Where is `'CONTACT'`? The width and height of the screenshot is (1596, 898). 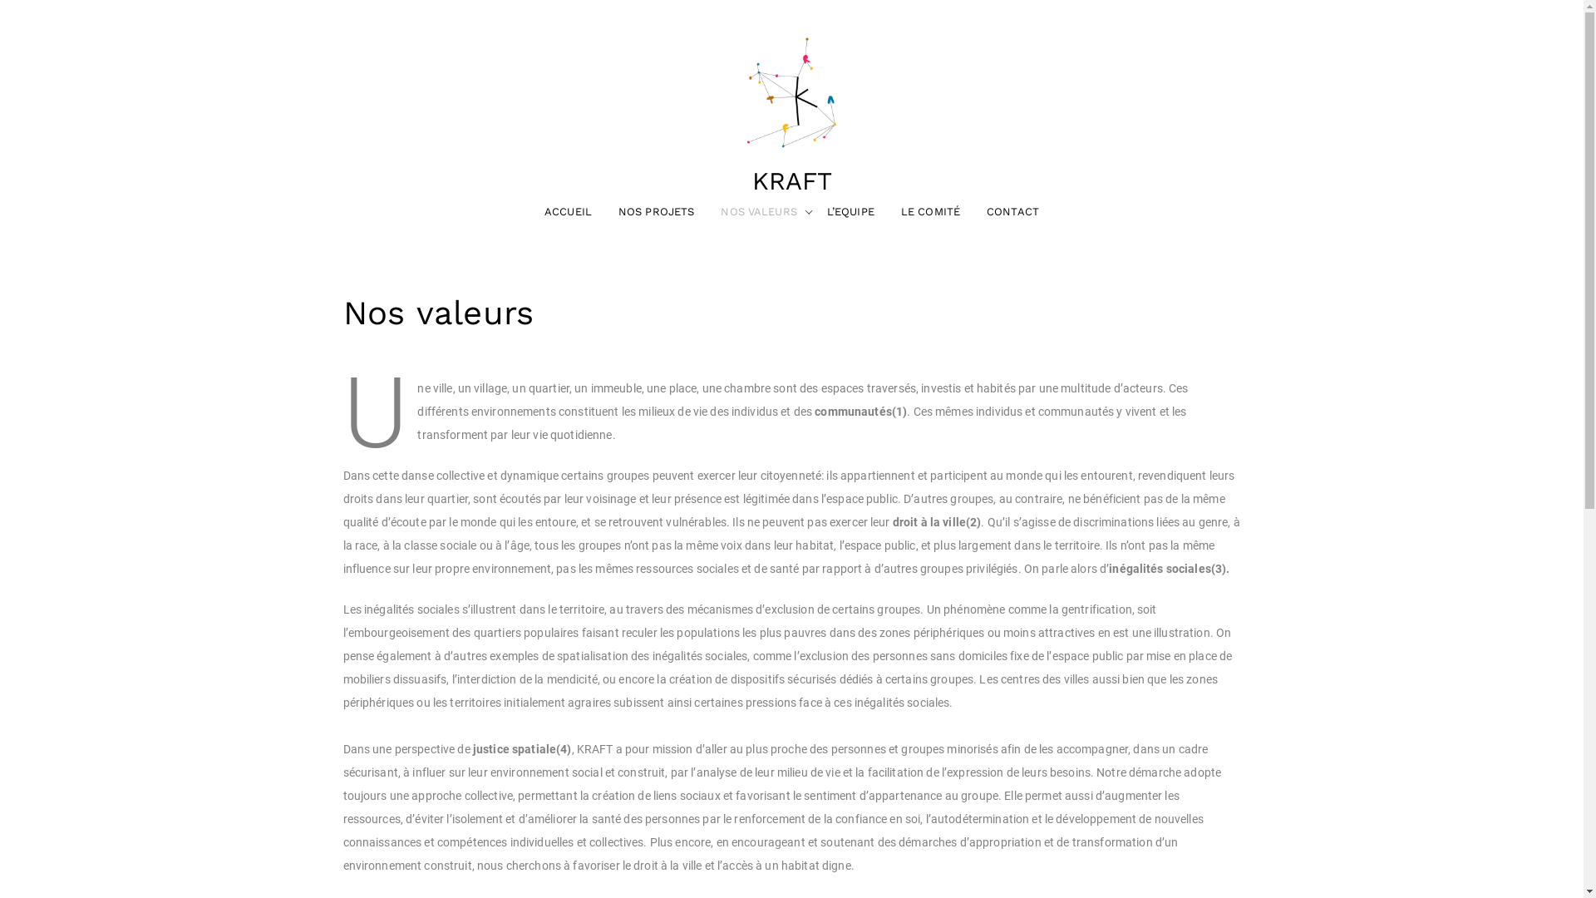
'CONTACT' is located at coordinates (973, 210).